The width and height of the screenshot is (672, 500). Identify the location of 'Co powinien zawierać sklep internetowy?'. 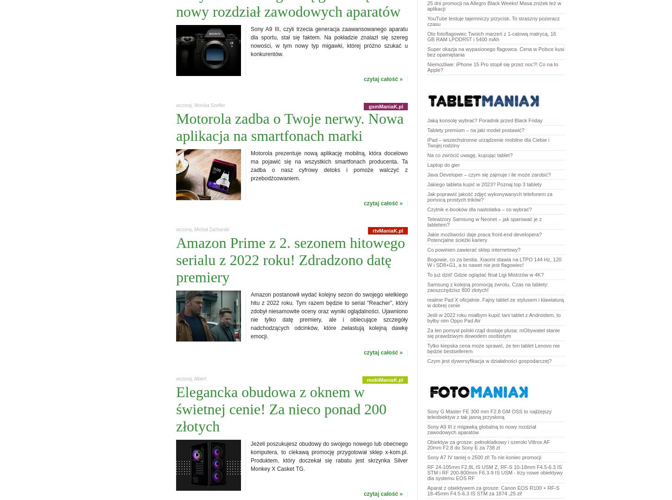
(474, 249).